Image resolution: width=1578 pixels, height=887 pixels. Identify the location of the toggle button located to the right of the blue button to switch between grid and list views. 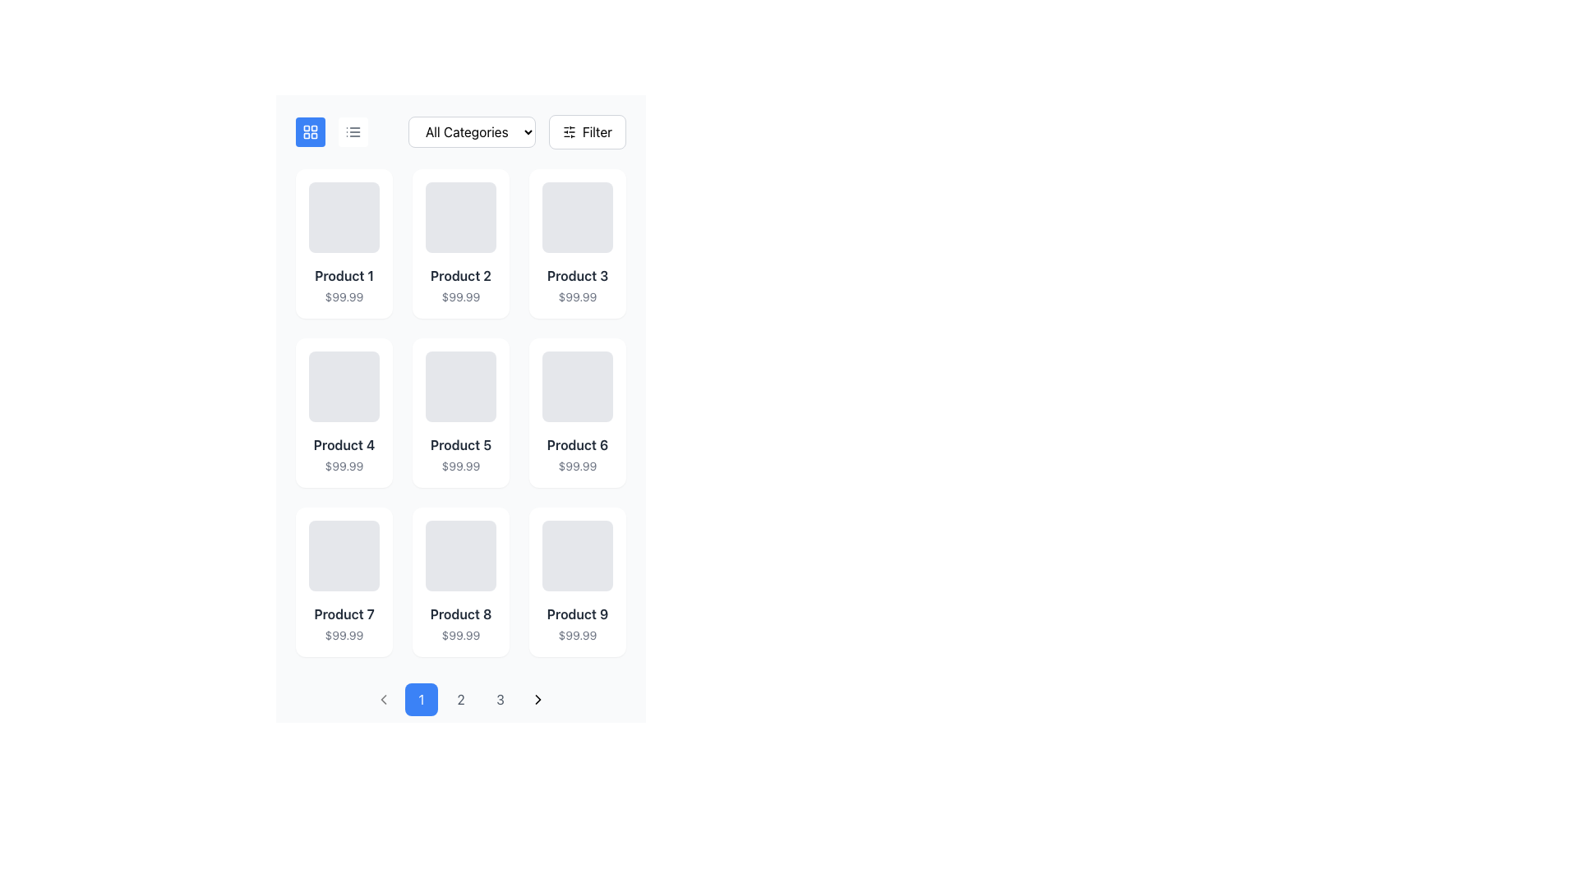
(353, 131).